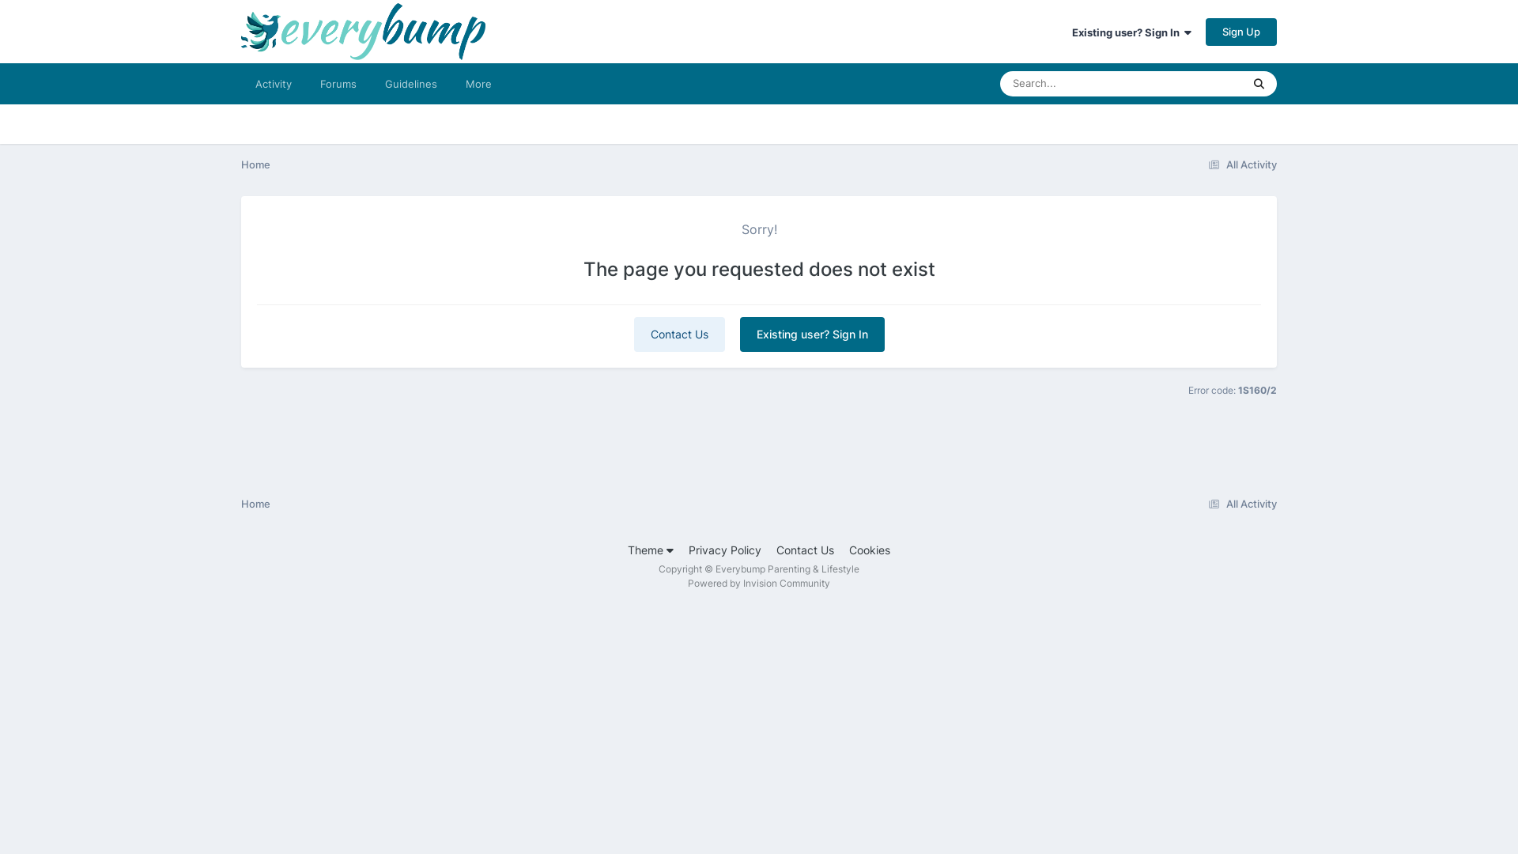  I want to click on 'Guidelines', so click(410, 83).